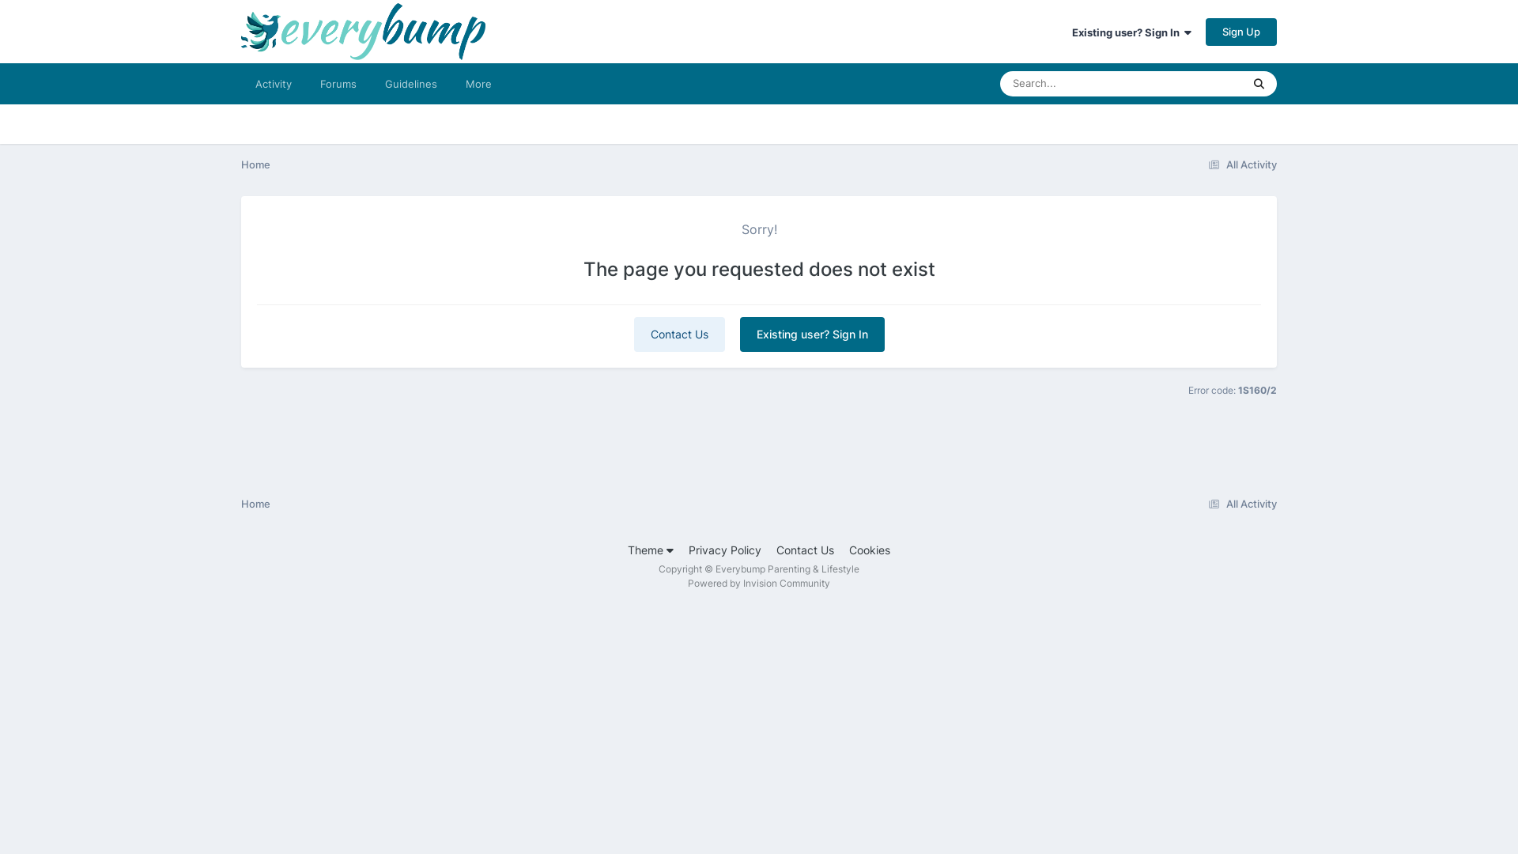  I want to click on 'Guidelines', so click(410, 83).